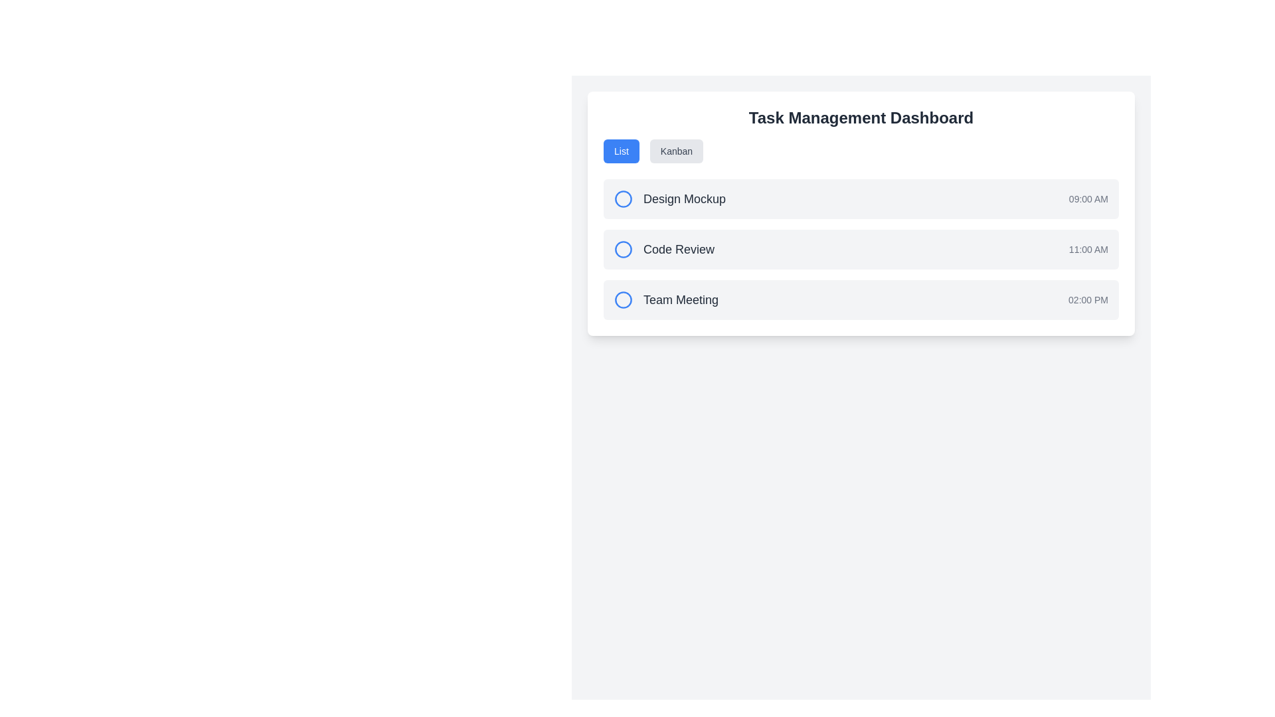 The image size is (1275, 717). Describe the element at coordinates (623, 299) in the screenshot. I see `the Circle Indicator located to the left of the 'Team Meeting' entry, which serves as a status marker` at that location.